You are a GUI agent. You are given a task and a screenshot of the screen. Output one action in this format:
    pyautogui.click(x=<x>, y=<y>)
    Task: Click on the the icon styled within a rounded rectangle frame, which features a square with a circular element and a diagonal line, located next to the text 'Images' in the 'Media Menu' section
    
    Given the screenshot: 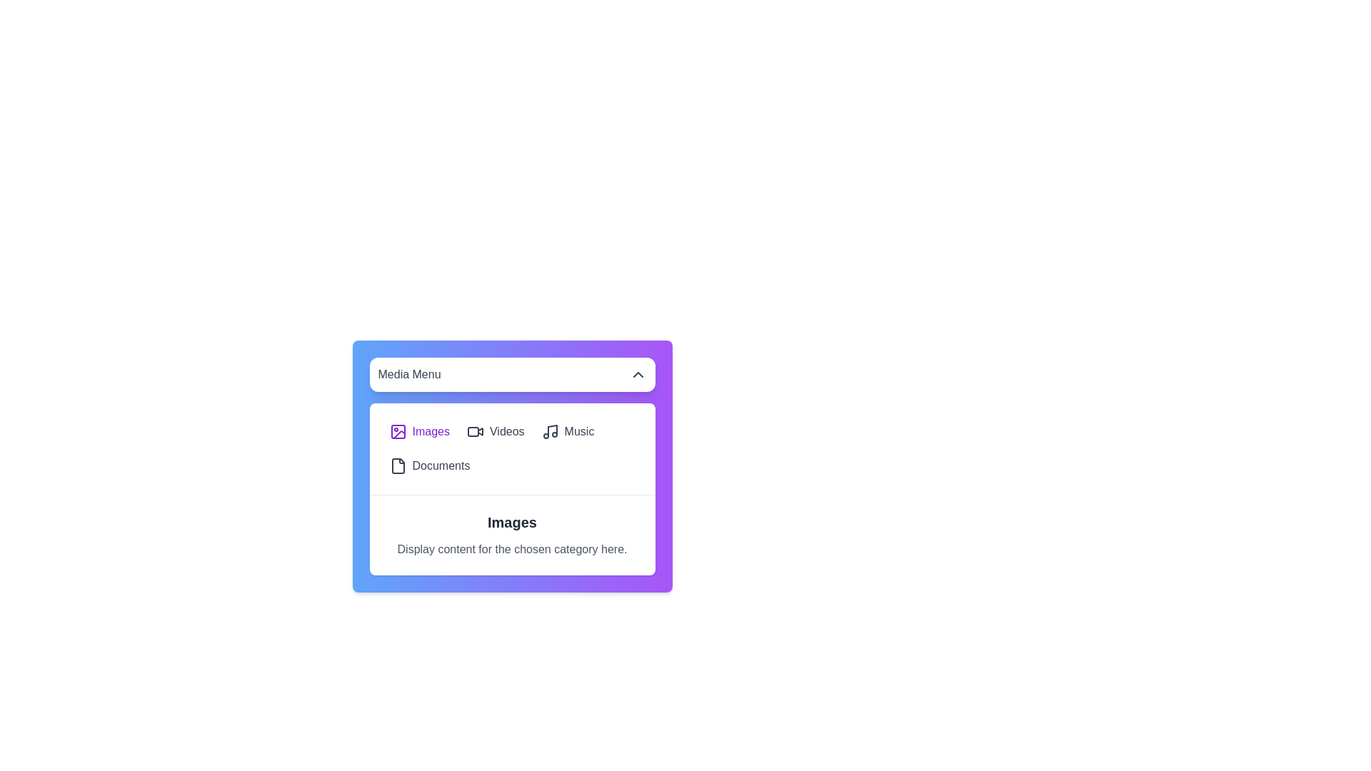 What is the action you would take?
    pyautogui.click(x=398, y=431)
    